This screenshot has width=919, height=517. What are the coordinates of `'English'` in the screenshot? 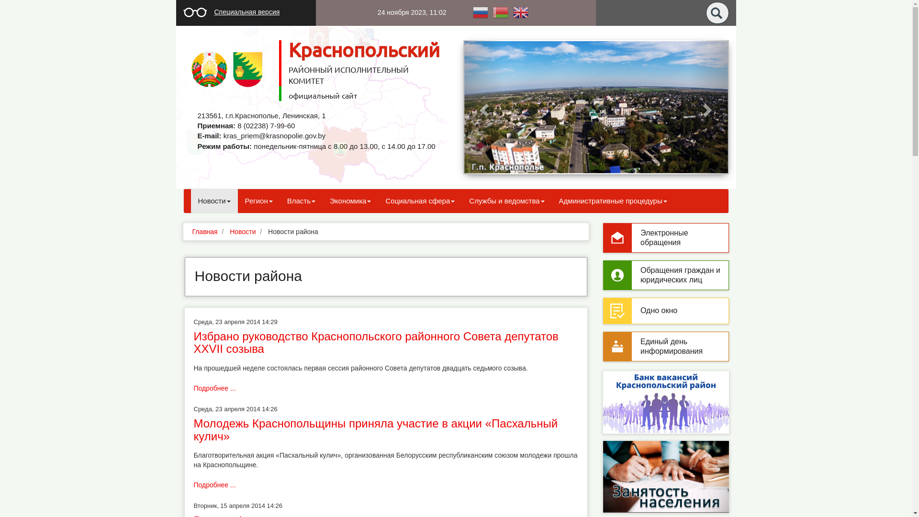 It's located at (509, 11).